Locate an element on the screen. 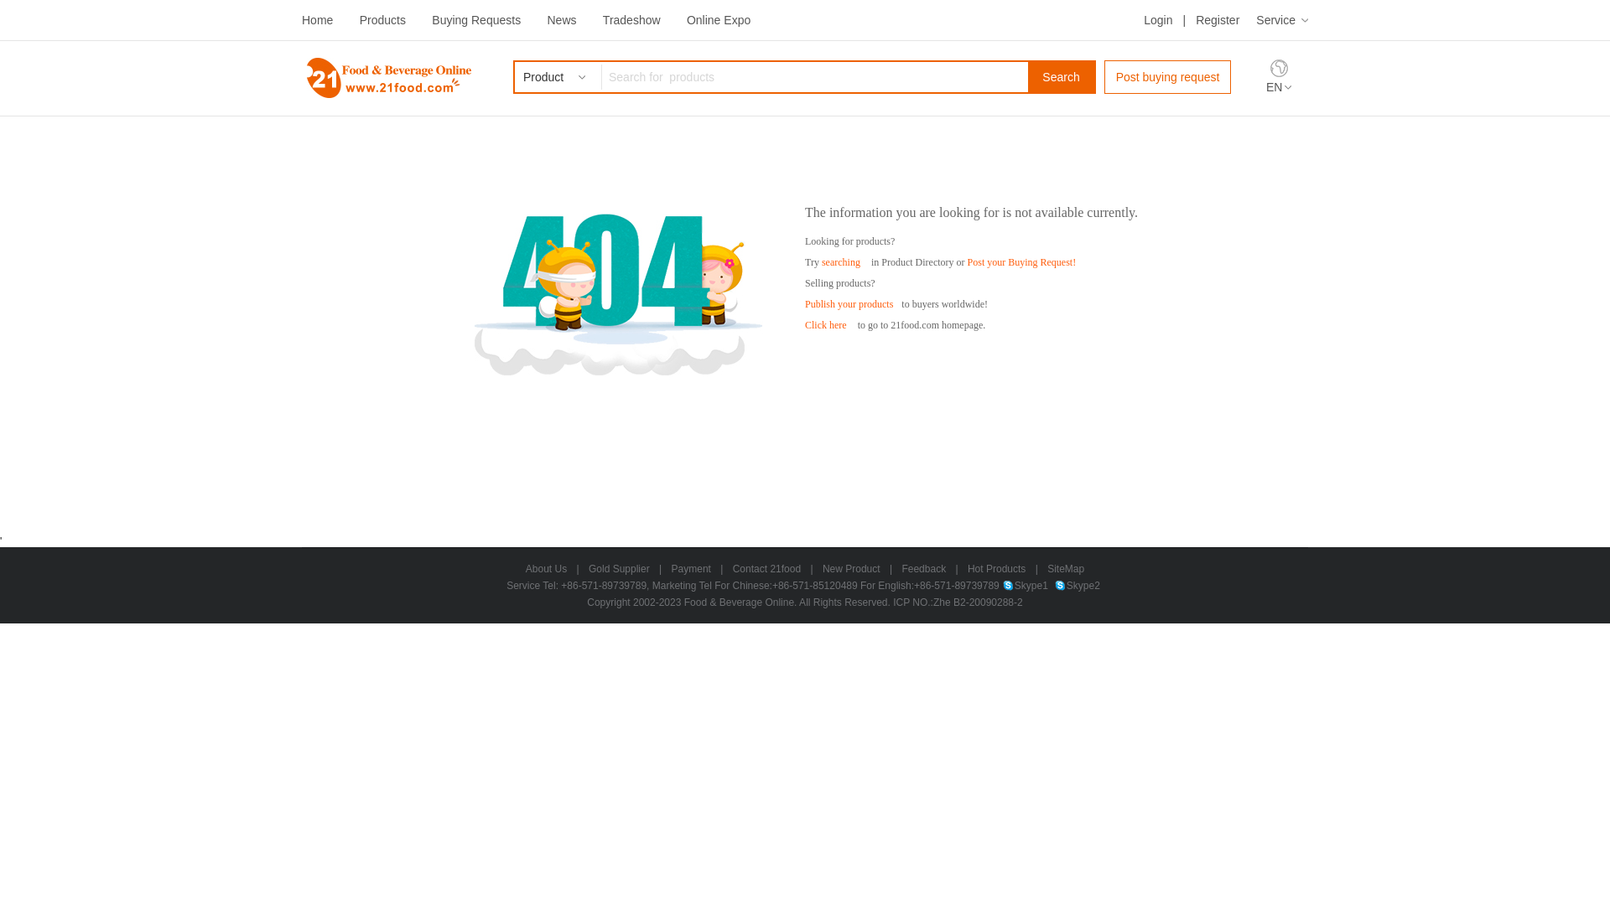 This screenshot has width=1610, height=905. 'Hot Products' is located at coordinates (967, 567).